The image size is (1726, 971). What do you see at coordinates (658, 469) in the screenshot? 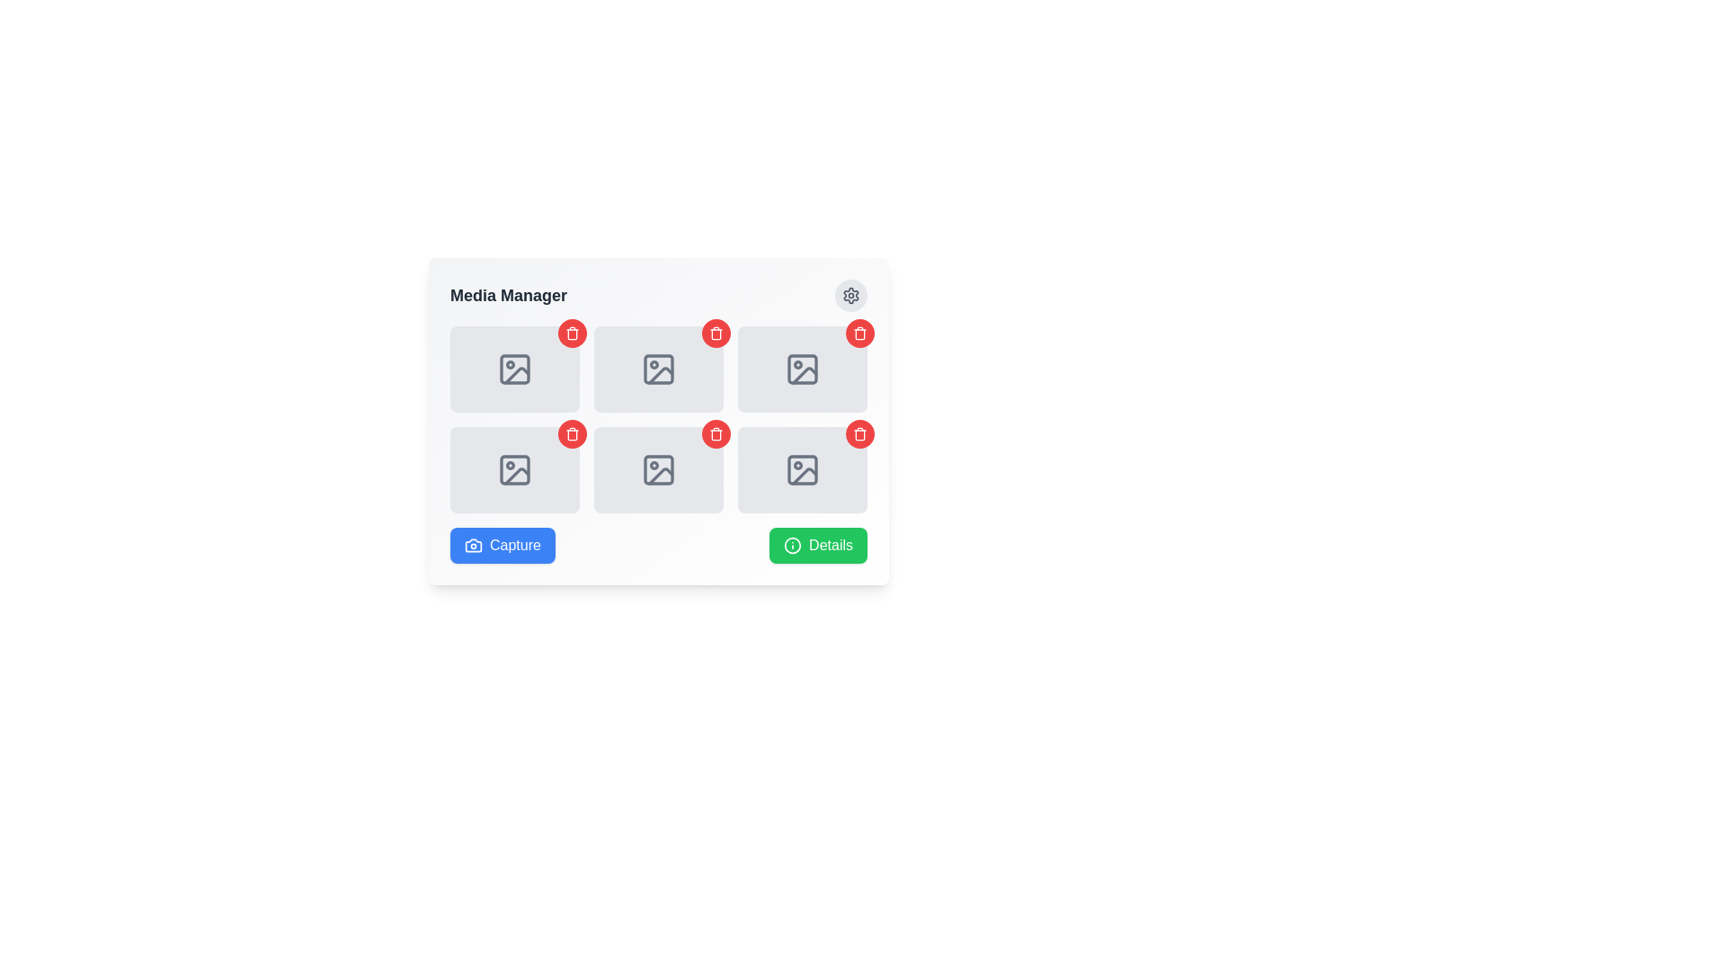
I see `the gray image icon from the Media Manager section` at bounding box center [658, 469].